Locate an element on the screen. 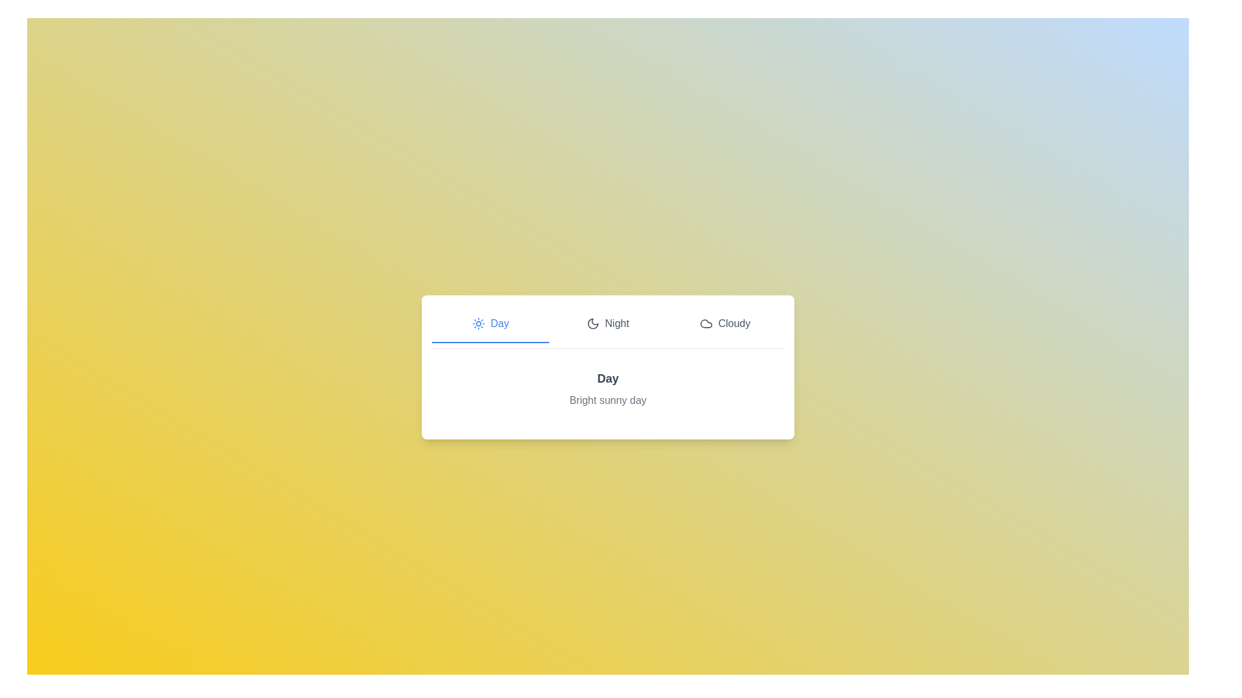 Image resolution: width=1242 pixels, height=698 pixels. the tab Night to view its content is located at coordinates (607, 323).